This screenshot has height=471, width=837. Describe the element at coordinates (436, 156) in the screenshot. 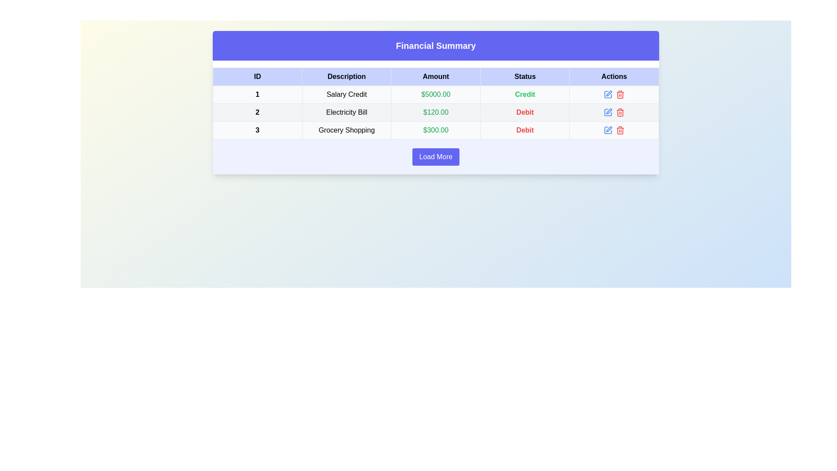

I see `the 'Load More' button, which is a rectangular button with a purple background and white text, located at the bottom-center of the 'Financial Summary' section` at that location.